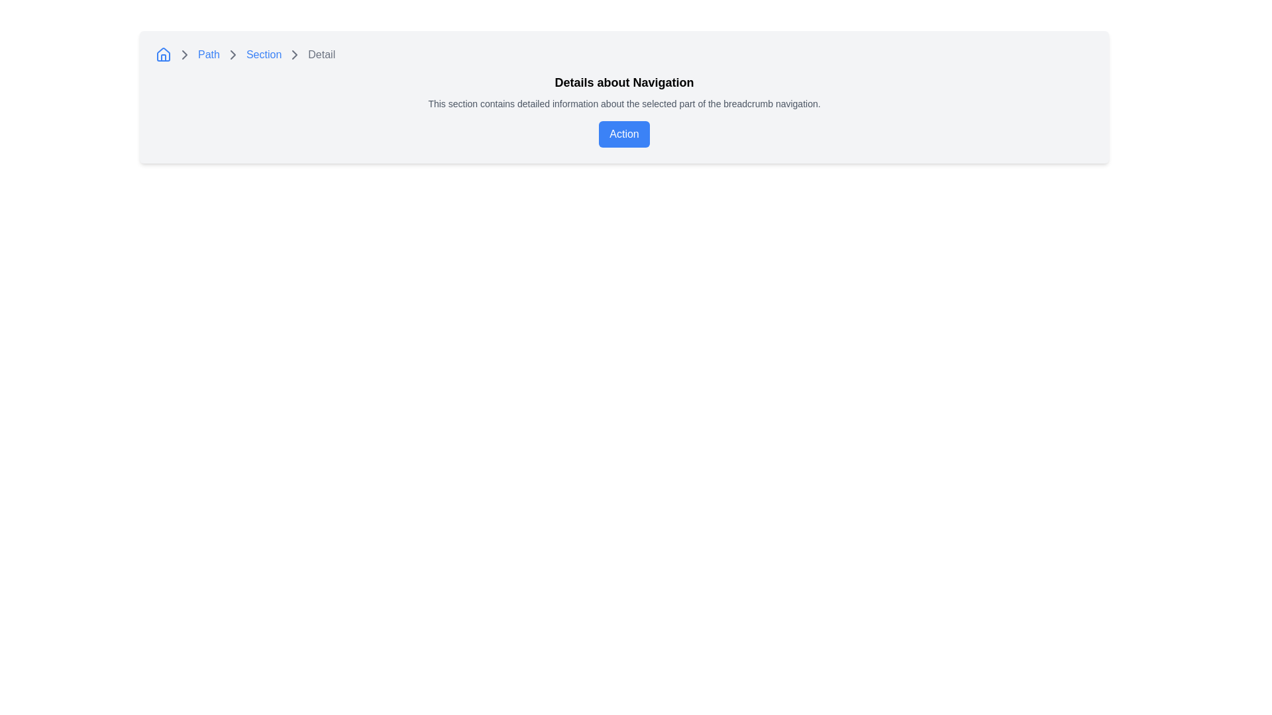 The image size is (1272, 715). I want to click on inner rectangle of the door within the house icon, which is part of the blue outlined house symbol located at the top-left corner of the interface, for debugging purposes, so click(162, 57).